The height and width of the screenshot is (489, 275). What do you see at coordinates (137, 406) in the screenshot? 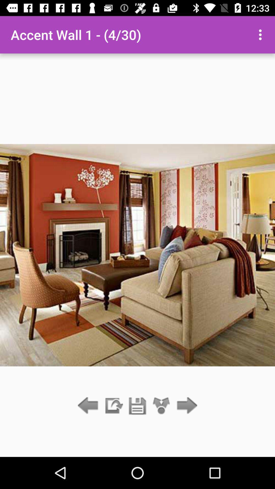
I see `the app below the accent wall 1` at bounding box center [137, 406].